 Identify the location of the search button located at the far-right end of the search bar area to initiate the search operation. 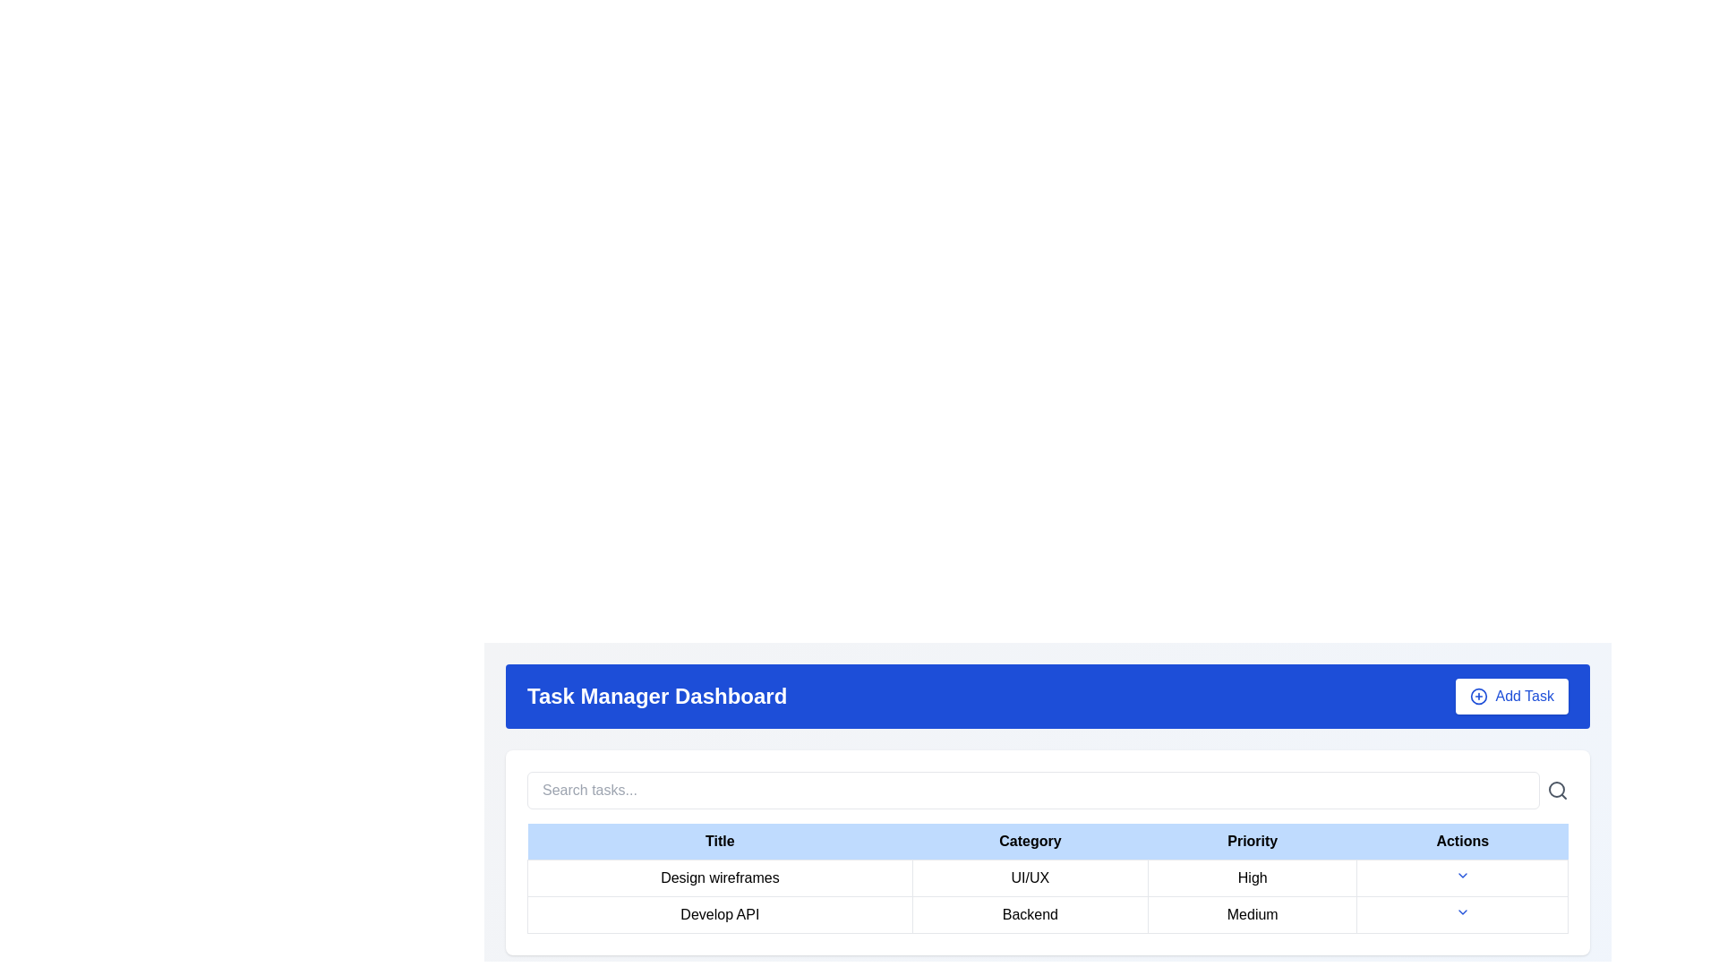
(1556, 790).